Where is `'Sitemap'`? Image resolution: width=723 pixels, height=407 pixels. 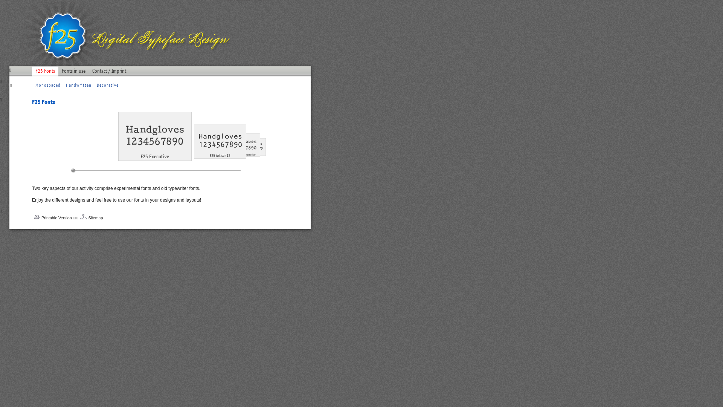
'Sitemap' is located at coordinates (95, 218).